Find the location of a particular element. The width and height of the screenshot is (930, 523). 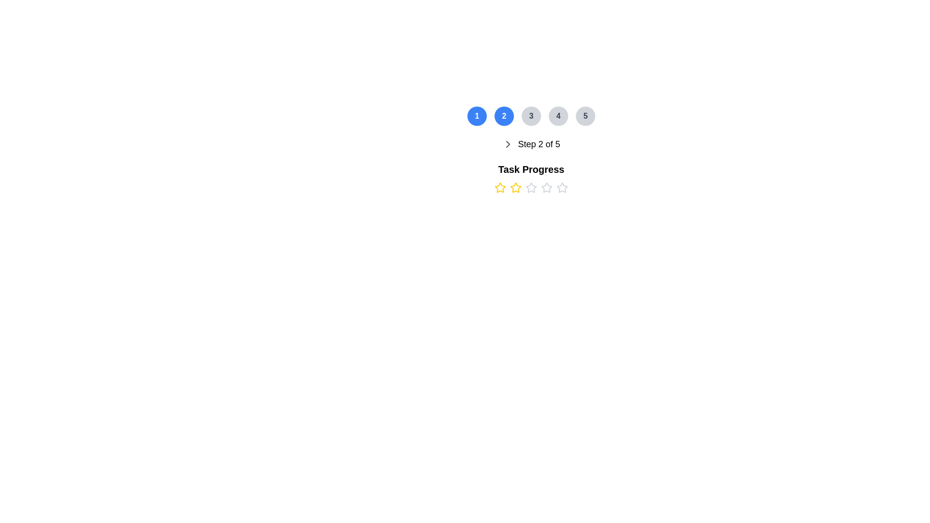

the circular button representing step 2 in the progress navigation bar is located at coordinates (504, 115).